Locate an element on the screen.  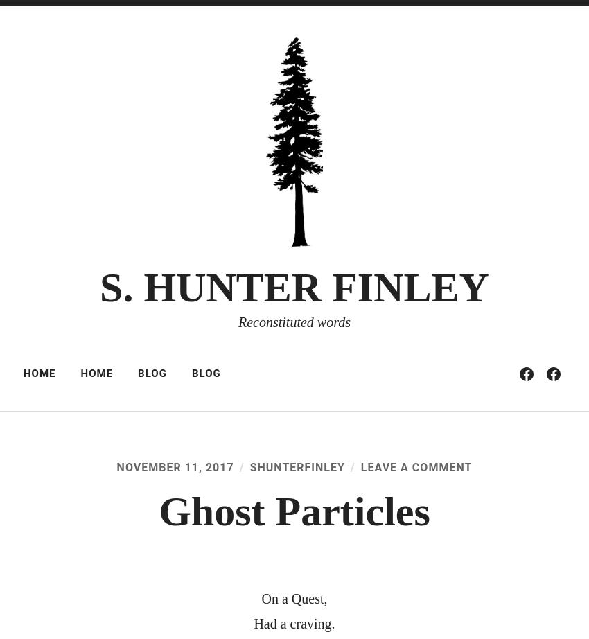
'shunterfinley' is located at coordinates (248, 467).